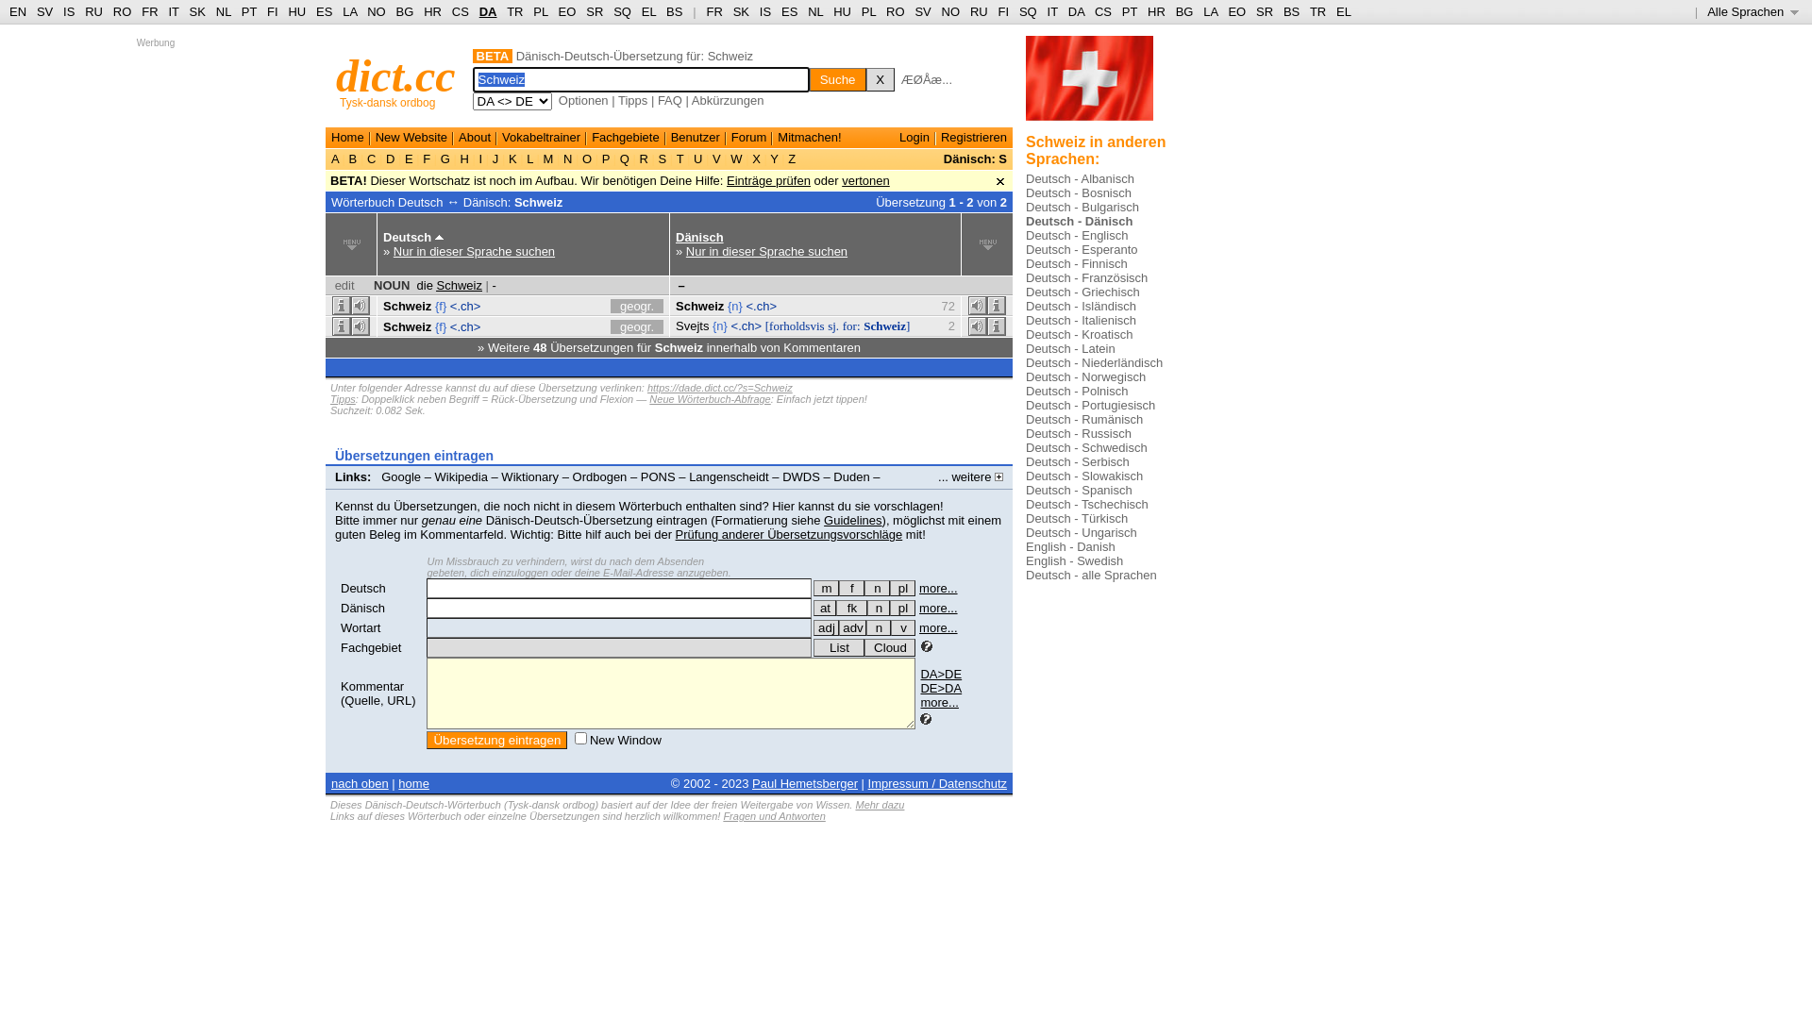 The image size is (1812, 1019). What do you see at coordinates (400, 476) in the screenshot?
I see `'Google'` at bounding box center [400, 476].